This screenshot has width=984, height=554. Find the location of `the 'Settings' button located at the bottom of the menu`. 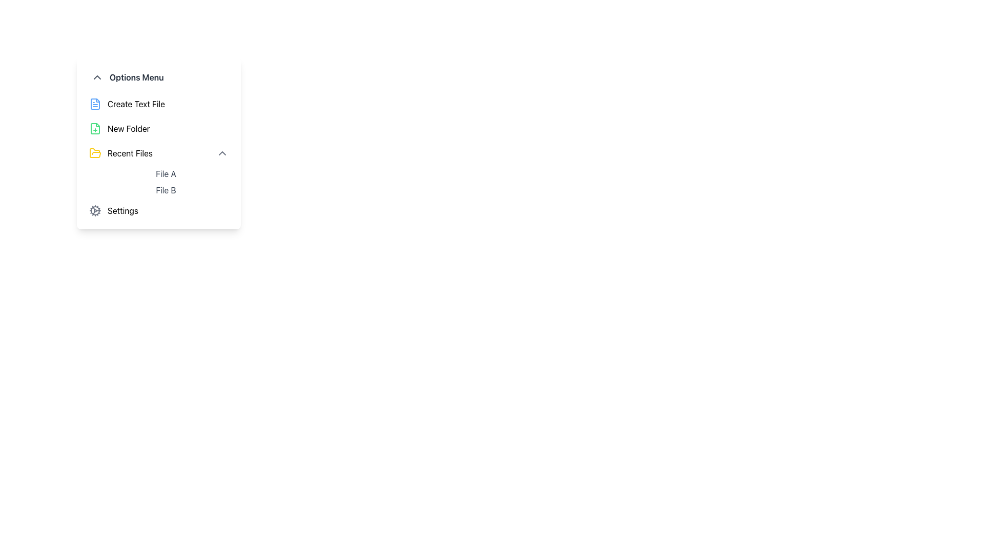

the 'Settings' button located at the bottom of the menu is located at coordinates (158, 210).